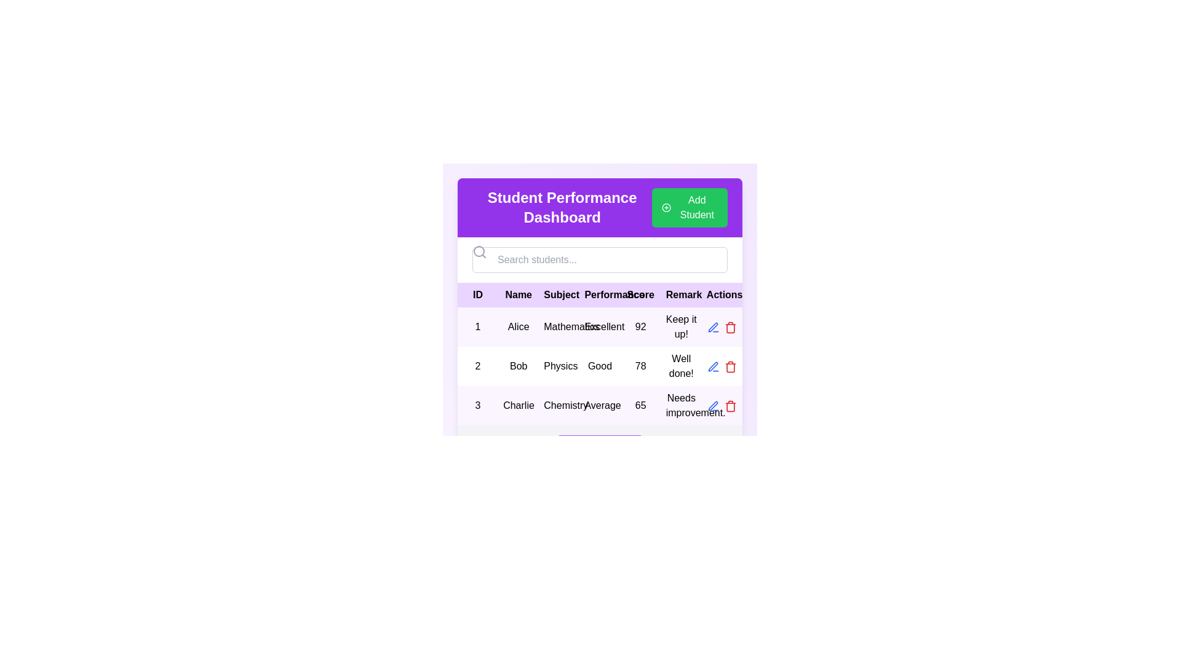 This screenshot has width=1181, height=664. What do you see at coordinates (562, 207) in the screenshot?
I see `the main title text label located in the header section of the interface, which provides context to the user about the page's content` at bounding box center [562, 207].